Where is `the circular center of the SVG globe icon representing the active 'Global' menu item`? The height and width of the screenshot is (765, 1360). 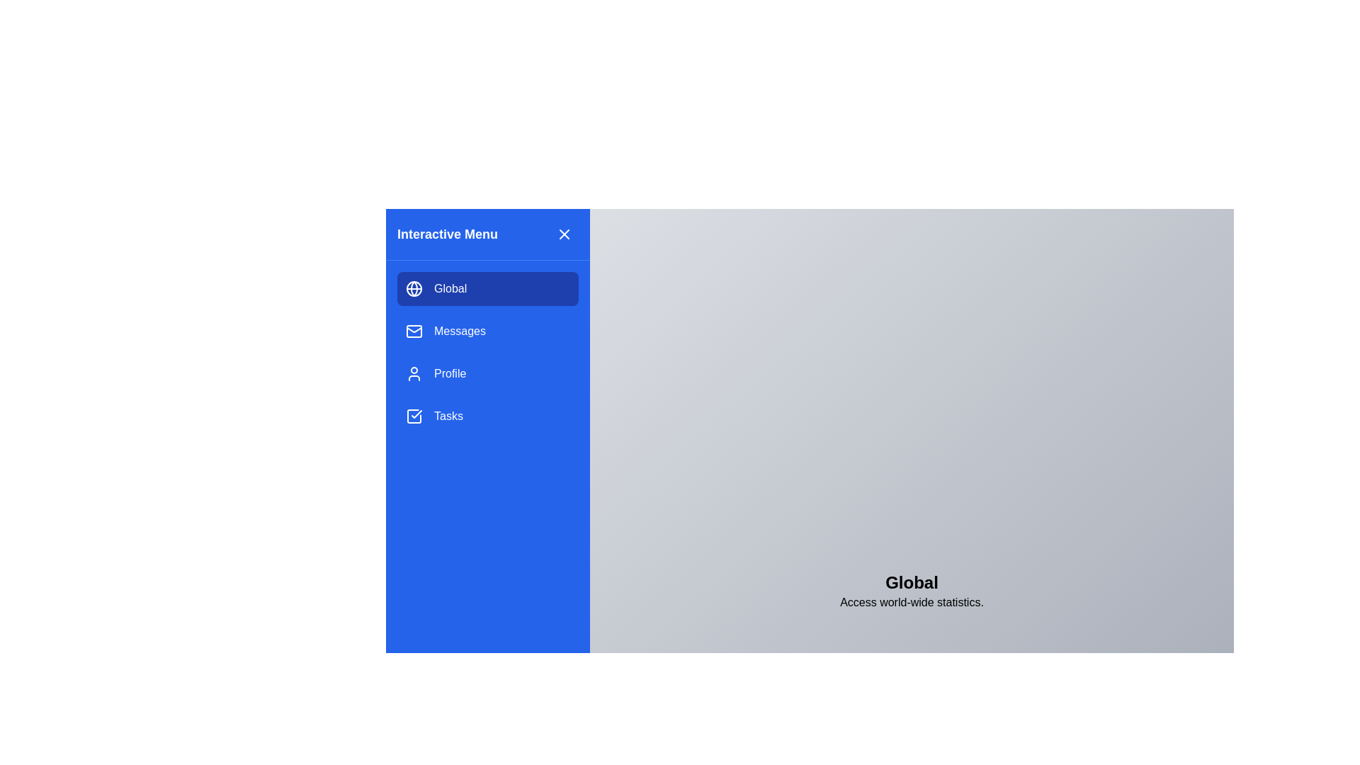 the circular center of the SVG globe icon representing the active 'Global' menu item is located at coordinates (414, 288).